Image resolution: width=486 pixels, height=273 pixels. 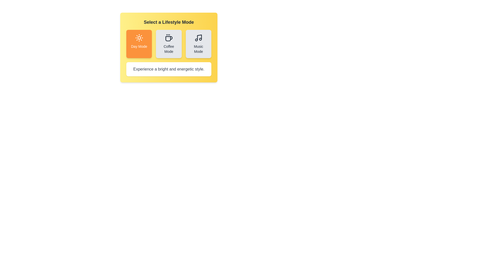 What do you see at coordinates (169, 43) in the screenshot?
I see `the button corresponding to Coffee` at bounding box center [169, 43].